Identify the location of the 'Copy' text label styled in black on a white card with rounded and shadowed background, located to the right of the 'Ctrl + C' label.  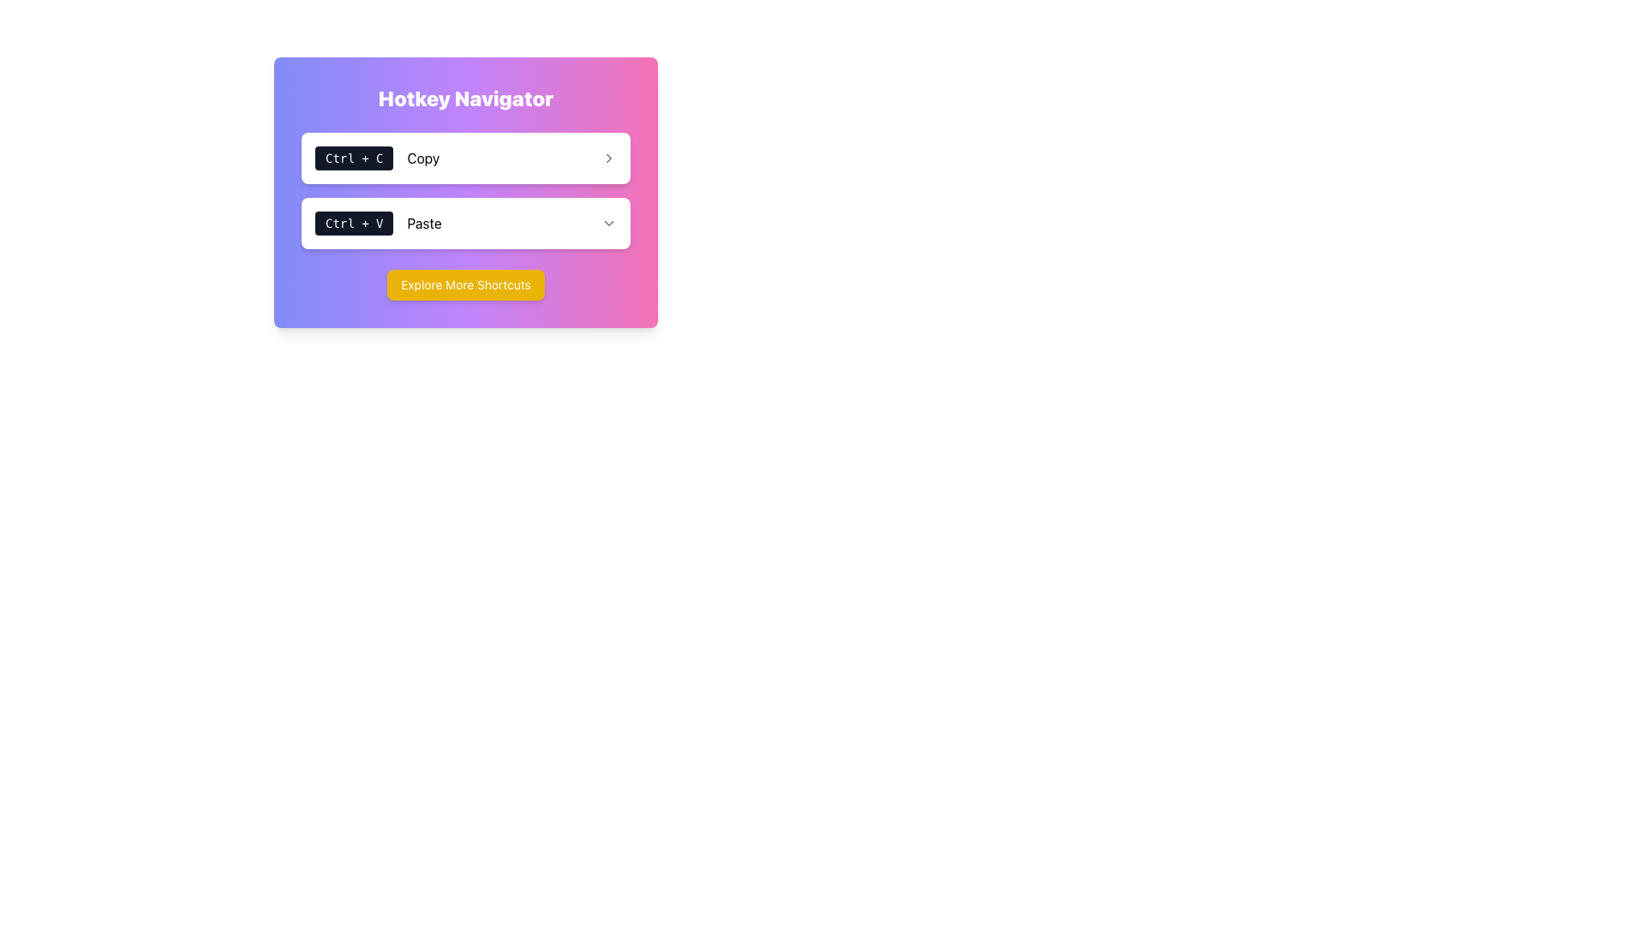
(423, 158).